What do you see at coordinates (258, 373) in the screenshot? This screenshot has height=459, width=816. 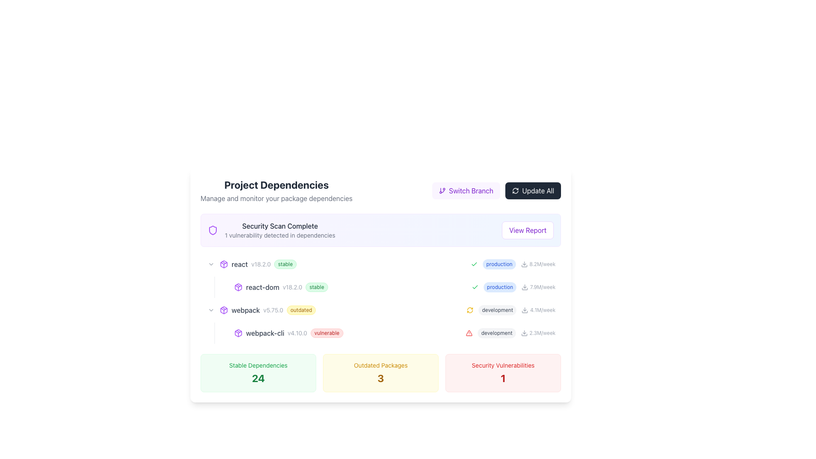 I see `the information displayed on the rectangular informational card with a green background that shows 'Stable Dependencies' at the top and the number '24' centered below it` at bounding box center [258, 373].